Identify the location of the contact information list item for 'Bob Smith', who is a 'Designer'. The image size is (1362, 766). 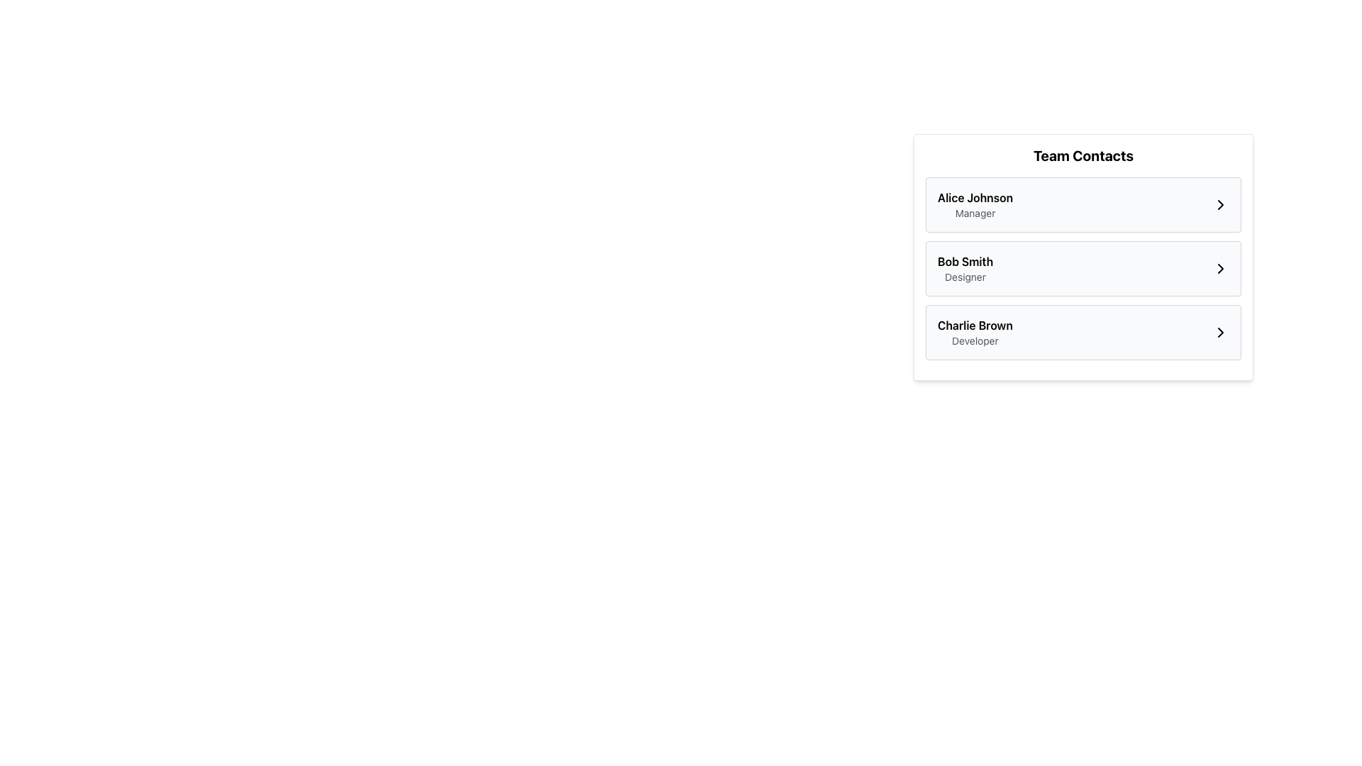
(1083, 268).